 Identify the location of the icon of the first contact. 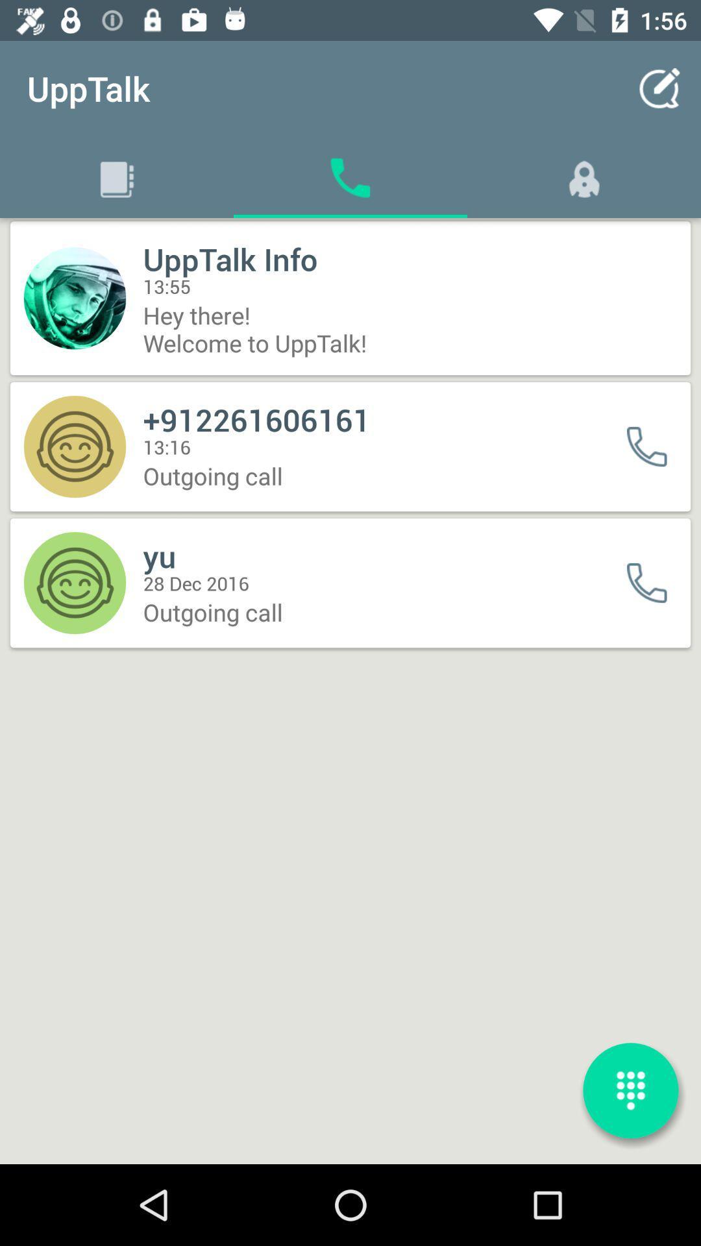
(75, 298).